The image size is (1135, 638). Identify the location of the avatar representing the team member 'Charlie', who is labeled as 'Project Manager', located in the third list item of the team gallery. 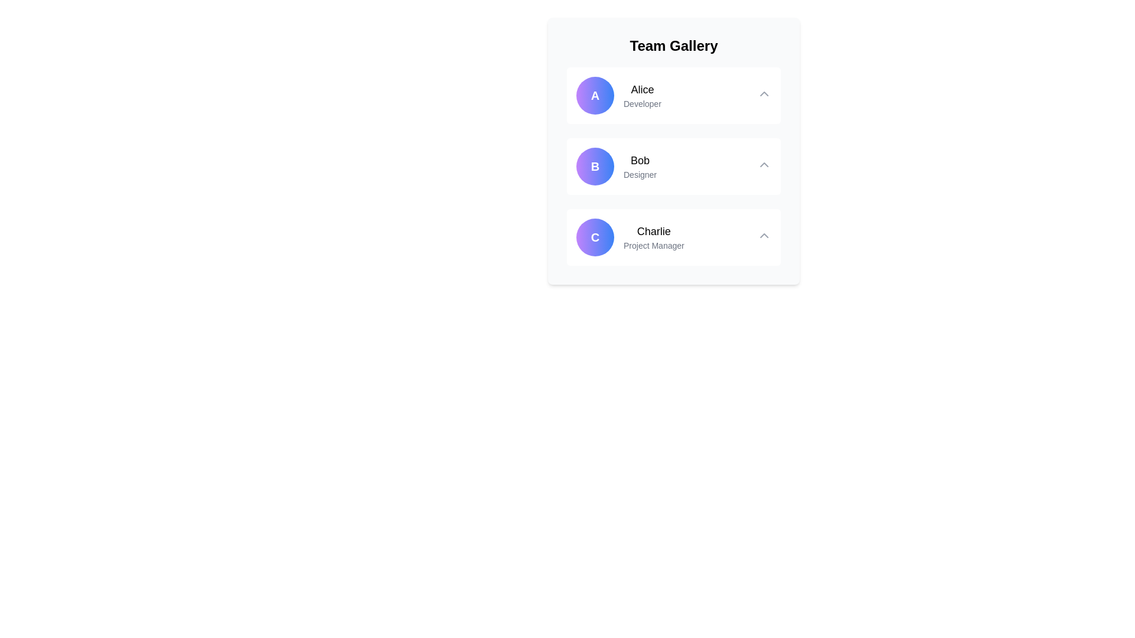
(595, 237).